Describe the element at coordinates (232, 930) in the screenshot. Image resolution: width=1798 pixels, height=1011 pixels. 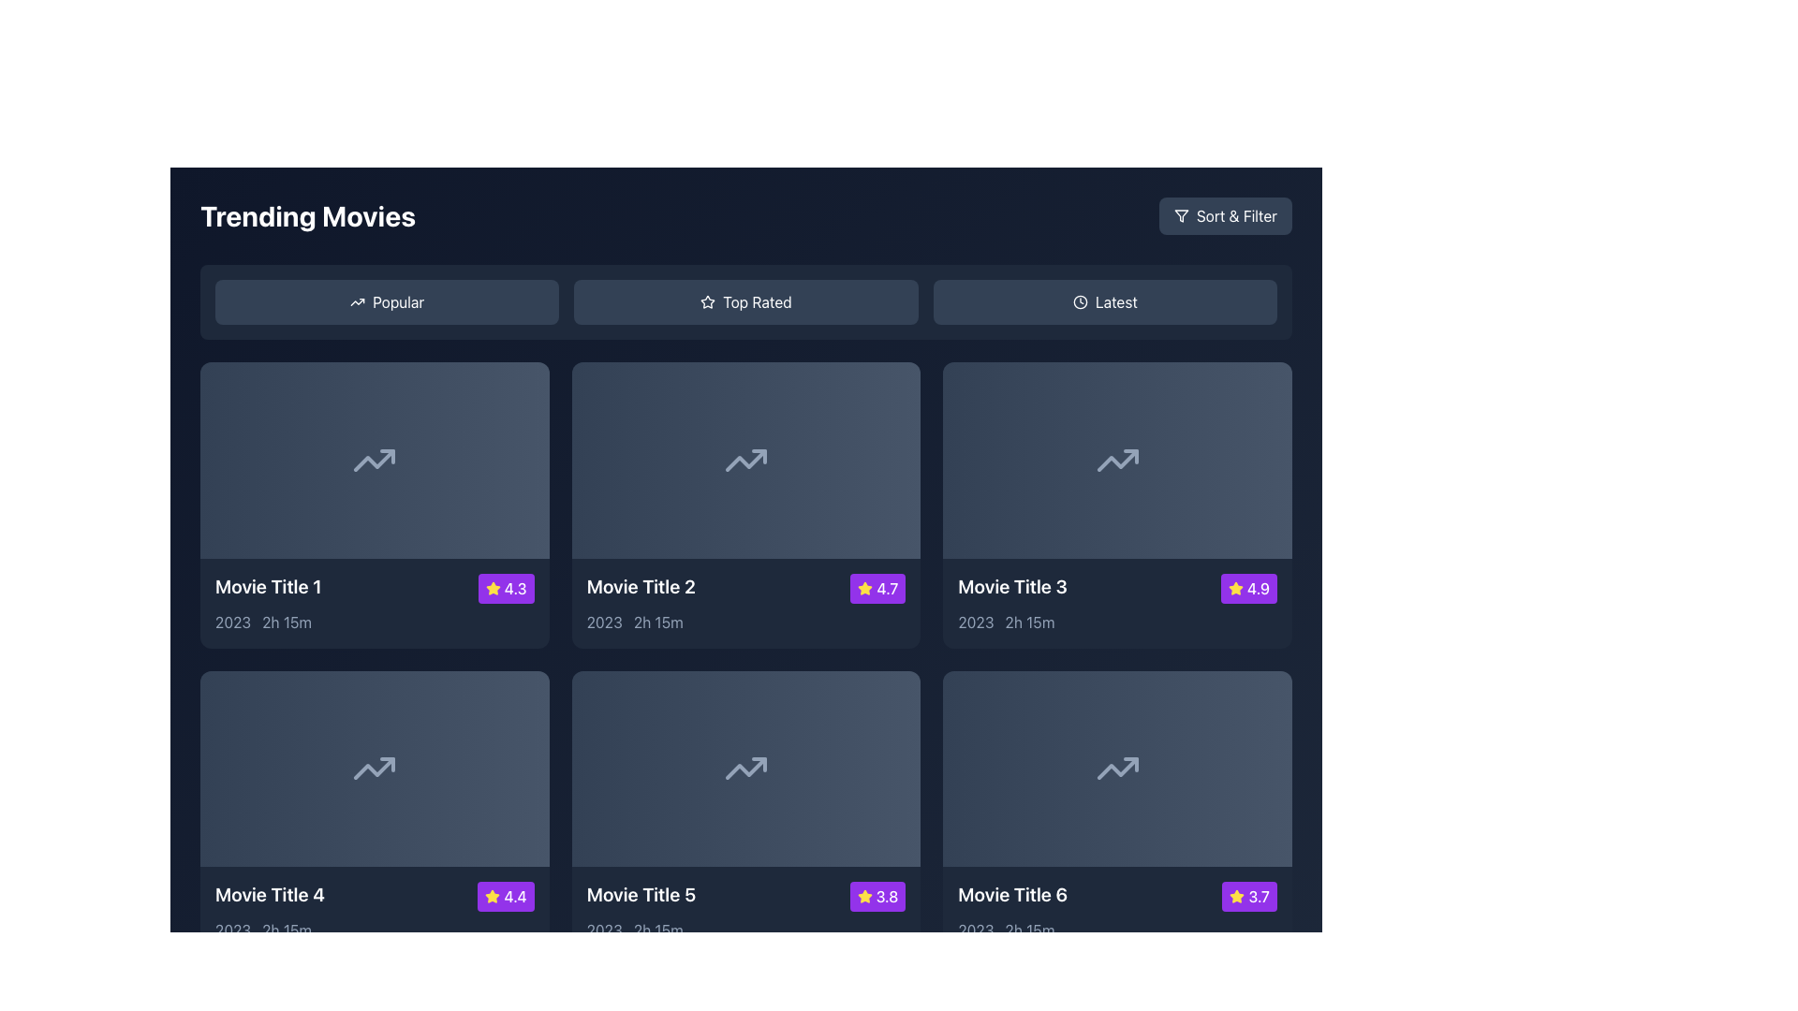
I see `text displaying the release year of 'Movie Title 4', located at the bottom-left corner of its tile in the metadata row` at that location.